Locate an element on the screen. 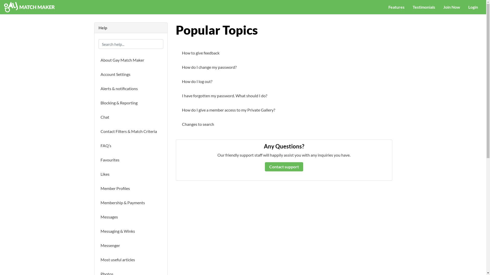 This screenshot has height=275, width=490. 'Join Now' is located at coordinates (439, 7).